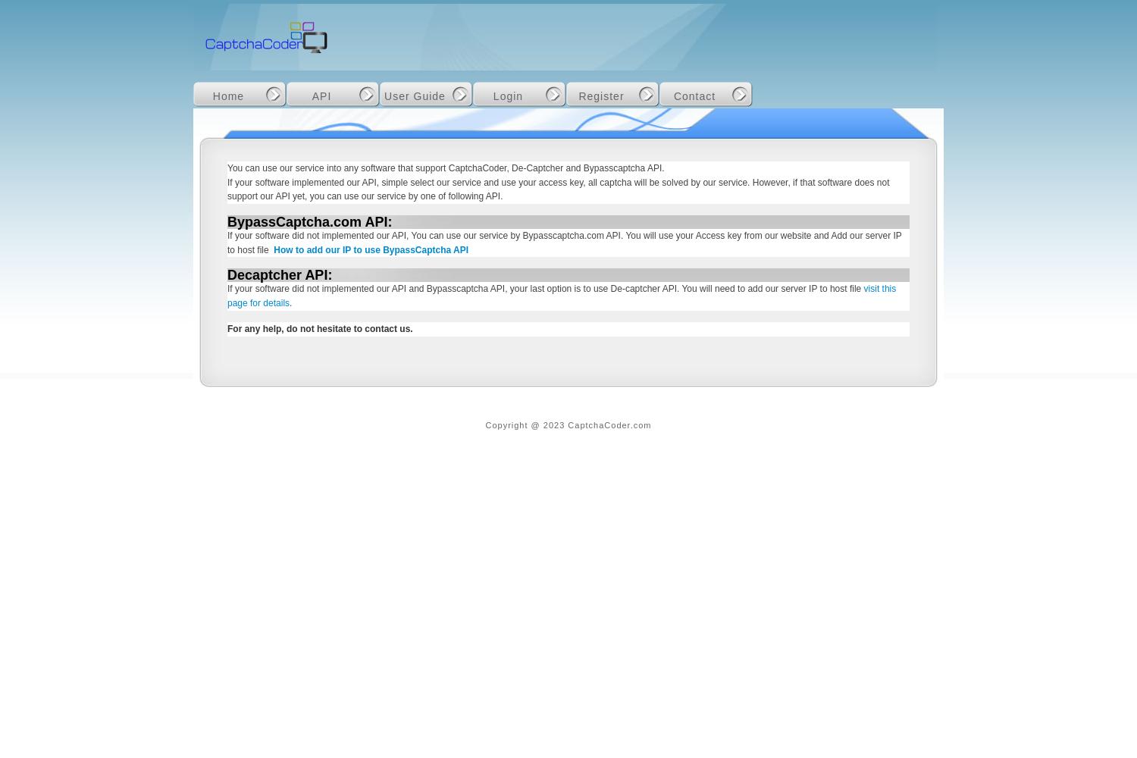 The height and width of the screenshot is (758, 1137). What do you see at coordinates (227, 296) in the screenshot?
I see `'visit this page for details'` at bounding box center [227, 296].